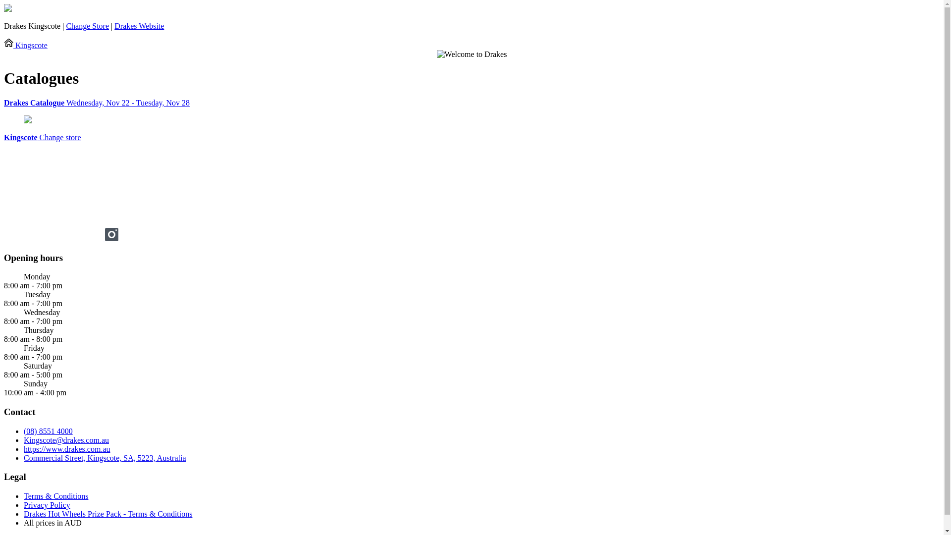 This screenshot has height=535, width=951. I want to click on 'Privacy Policy', so click(47, 505).